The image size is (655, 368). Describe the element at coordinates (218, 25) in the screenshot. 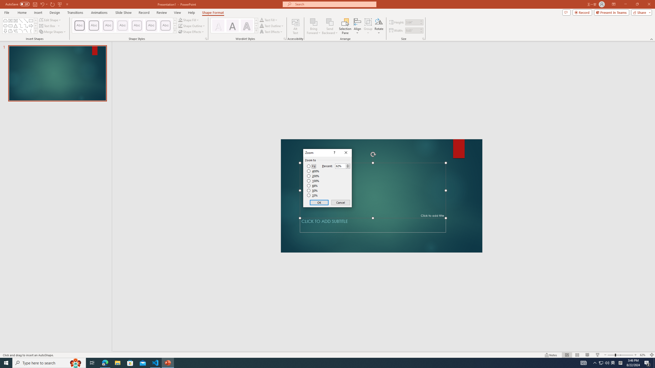

I see `'Fill: White, Text color 1; Shadow'` at that location.